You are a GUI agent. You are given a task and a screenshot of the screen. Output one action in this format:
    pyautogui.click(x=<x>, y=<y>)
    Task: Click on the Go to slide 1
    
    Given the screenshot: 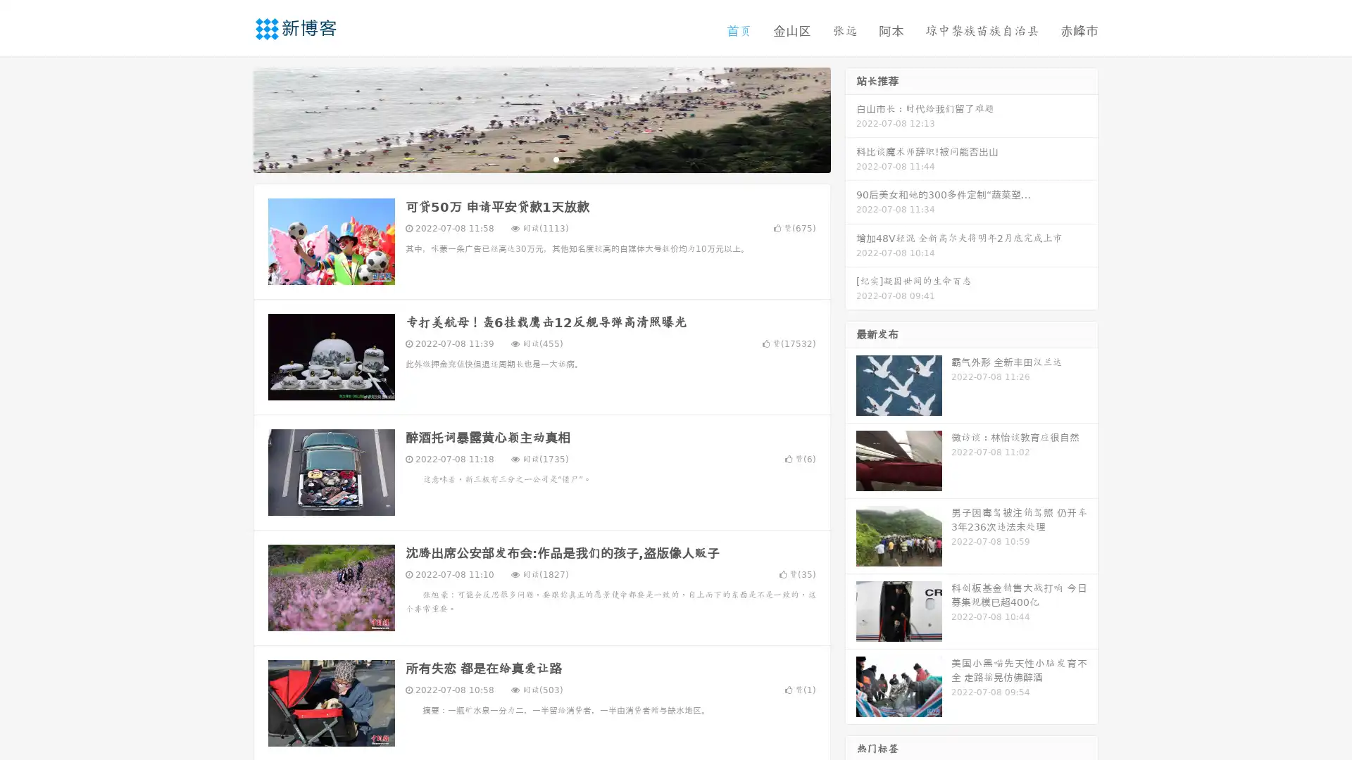 What is the action you would take?
    pyautogui.click(x=527, y=158)
    